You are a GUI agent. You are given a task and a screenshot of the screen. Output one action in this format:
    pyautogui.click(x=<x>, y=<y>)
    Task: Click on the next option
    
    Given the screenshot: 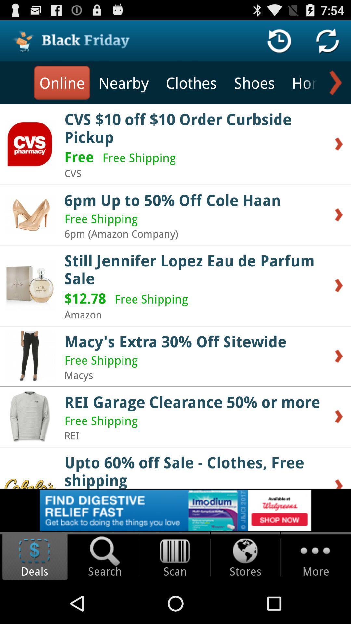 What is the action you would take?
    pyautogui.click(x=334, y=82)
    